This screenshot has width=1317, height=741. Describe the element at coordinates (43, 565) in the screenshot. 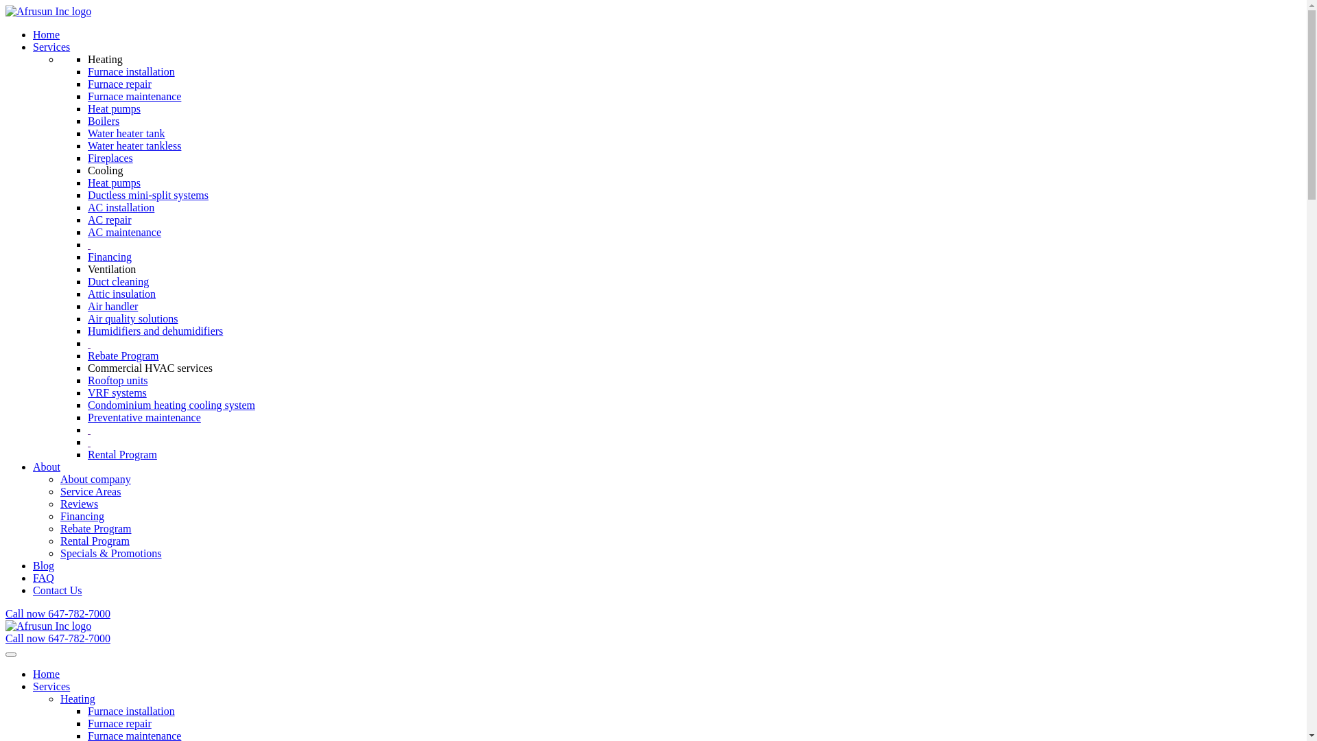

I see `'Blog'` at that location.